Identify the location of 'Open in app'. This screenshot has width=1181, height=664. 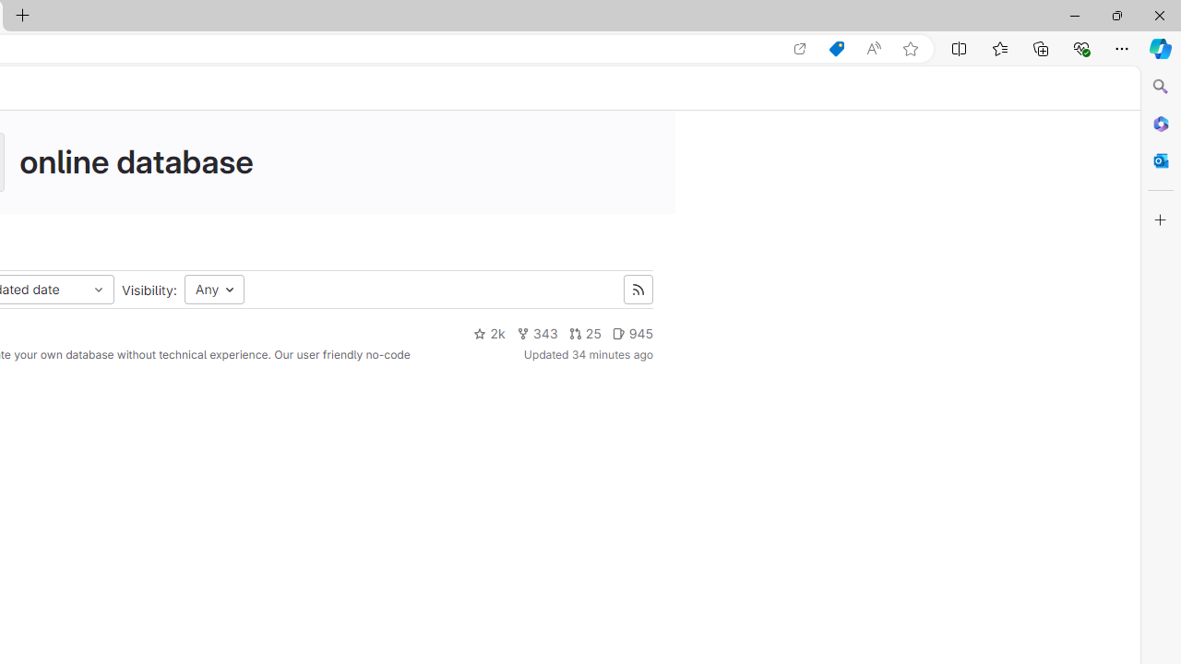
(800, 48).